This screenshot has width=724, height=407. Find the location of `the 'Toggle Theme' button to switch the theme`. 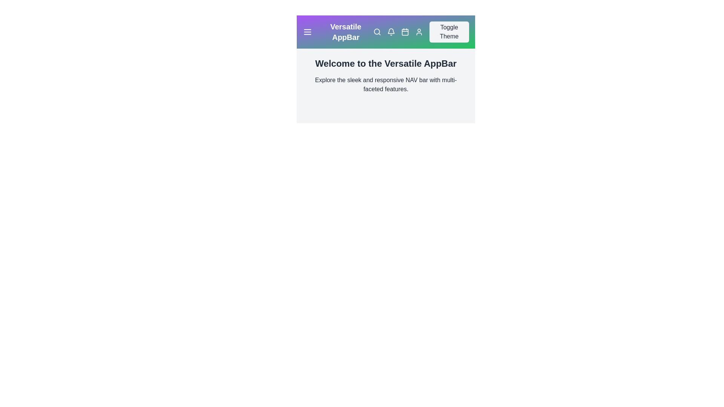

the 'Toggle Theme' button to switch the theme is located at coordinates (449, 31).